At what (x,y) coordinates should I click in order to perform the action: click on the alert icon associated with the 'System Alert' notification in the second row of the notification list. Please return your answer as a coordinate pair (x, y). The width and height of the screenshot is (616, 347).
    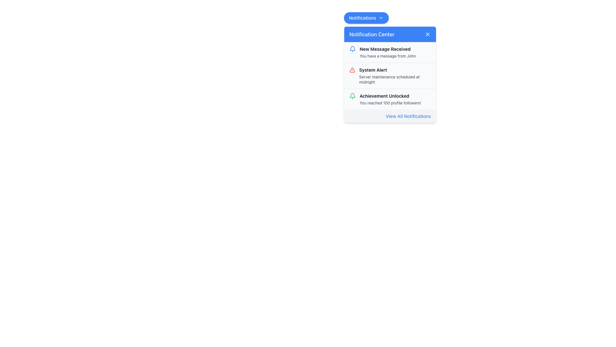
    Looking at the image, I should click on (352, 70).